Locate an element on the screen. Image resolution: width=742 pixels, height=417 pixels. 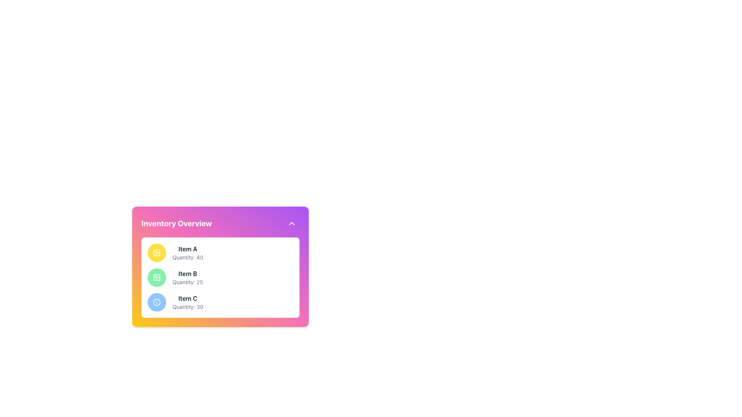
the text label 'Item B' styled in bold dark gray, which is the second item in the 'Inventory Overview' card list is located at coordinates (187, 273).